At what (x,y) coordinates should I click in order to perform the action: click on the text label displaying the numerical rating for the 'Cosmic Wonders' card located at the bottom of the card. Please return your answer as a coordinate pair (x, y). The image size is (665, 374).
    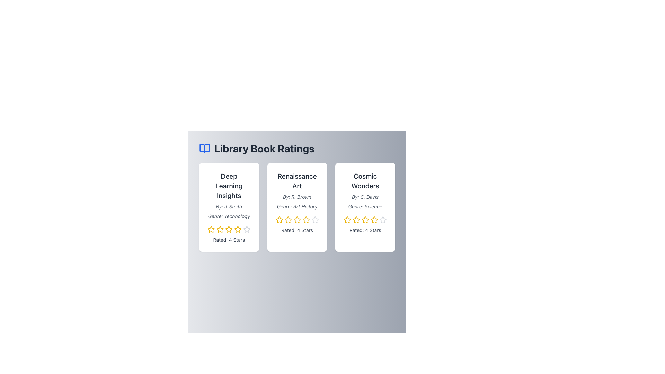
    Looking at the image, I should click on (365, 230).